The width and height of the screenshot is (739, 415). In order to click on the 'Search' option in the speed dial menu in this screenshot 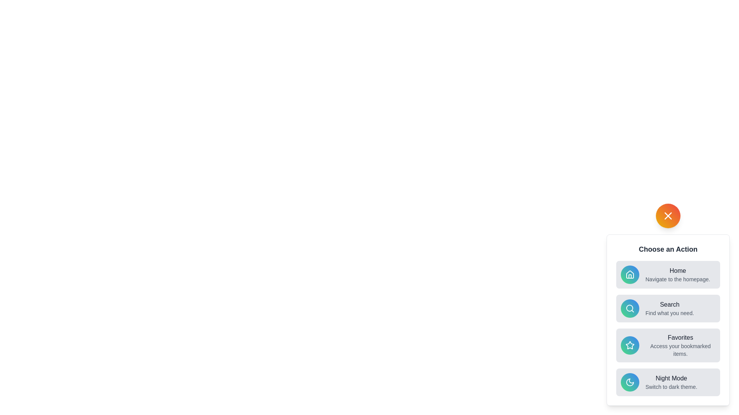, I will do `click(668, 308)`.